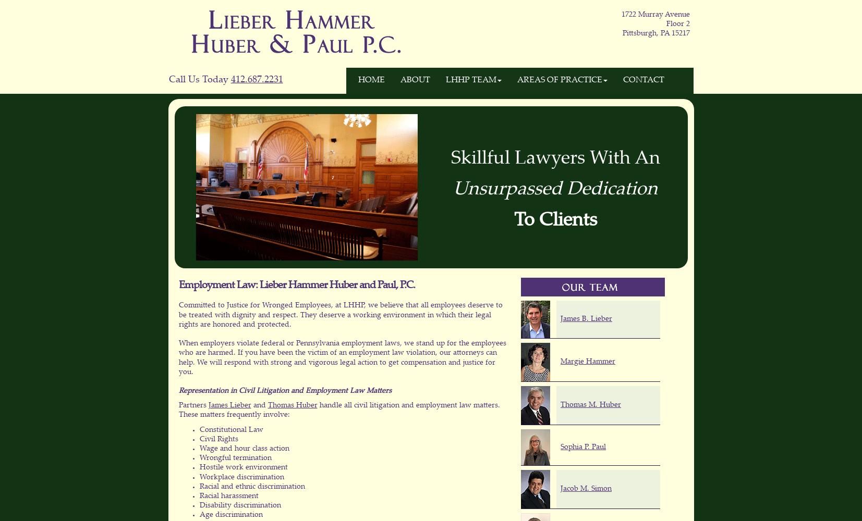 The height and width of the screenshot is (521, 862). Describe the element at coordinates (643, 80) in the screenshot. I see `'CONTACT'` at that location.